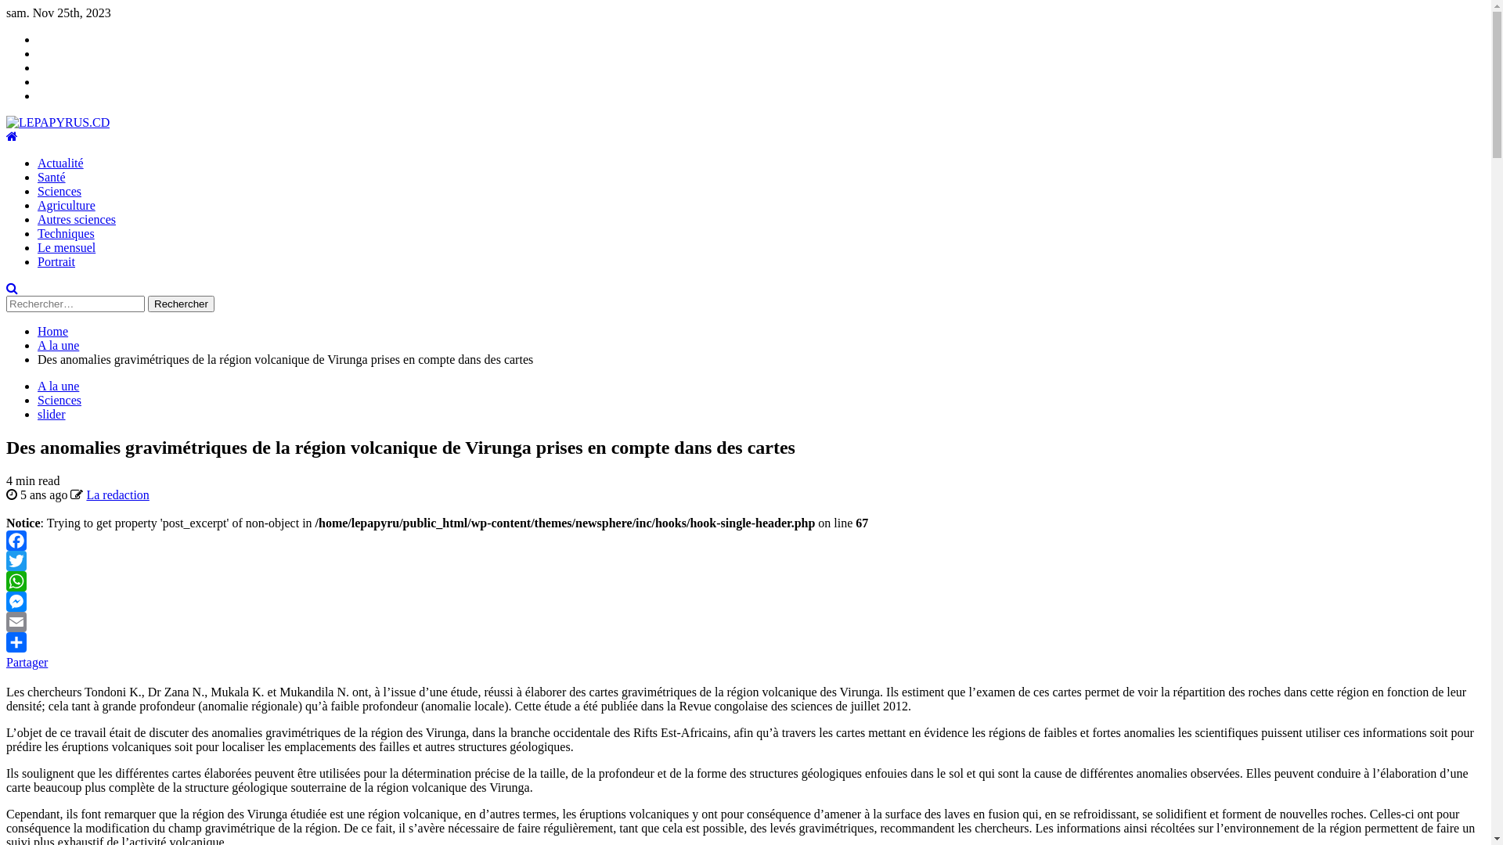 Image resolution: width=1503 pixels, height=845 pixels. I want to click on 'Rechercher', so click(181, 304).